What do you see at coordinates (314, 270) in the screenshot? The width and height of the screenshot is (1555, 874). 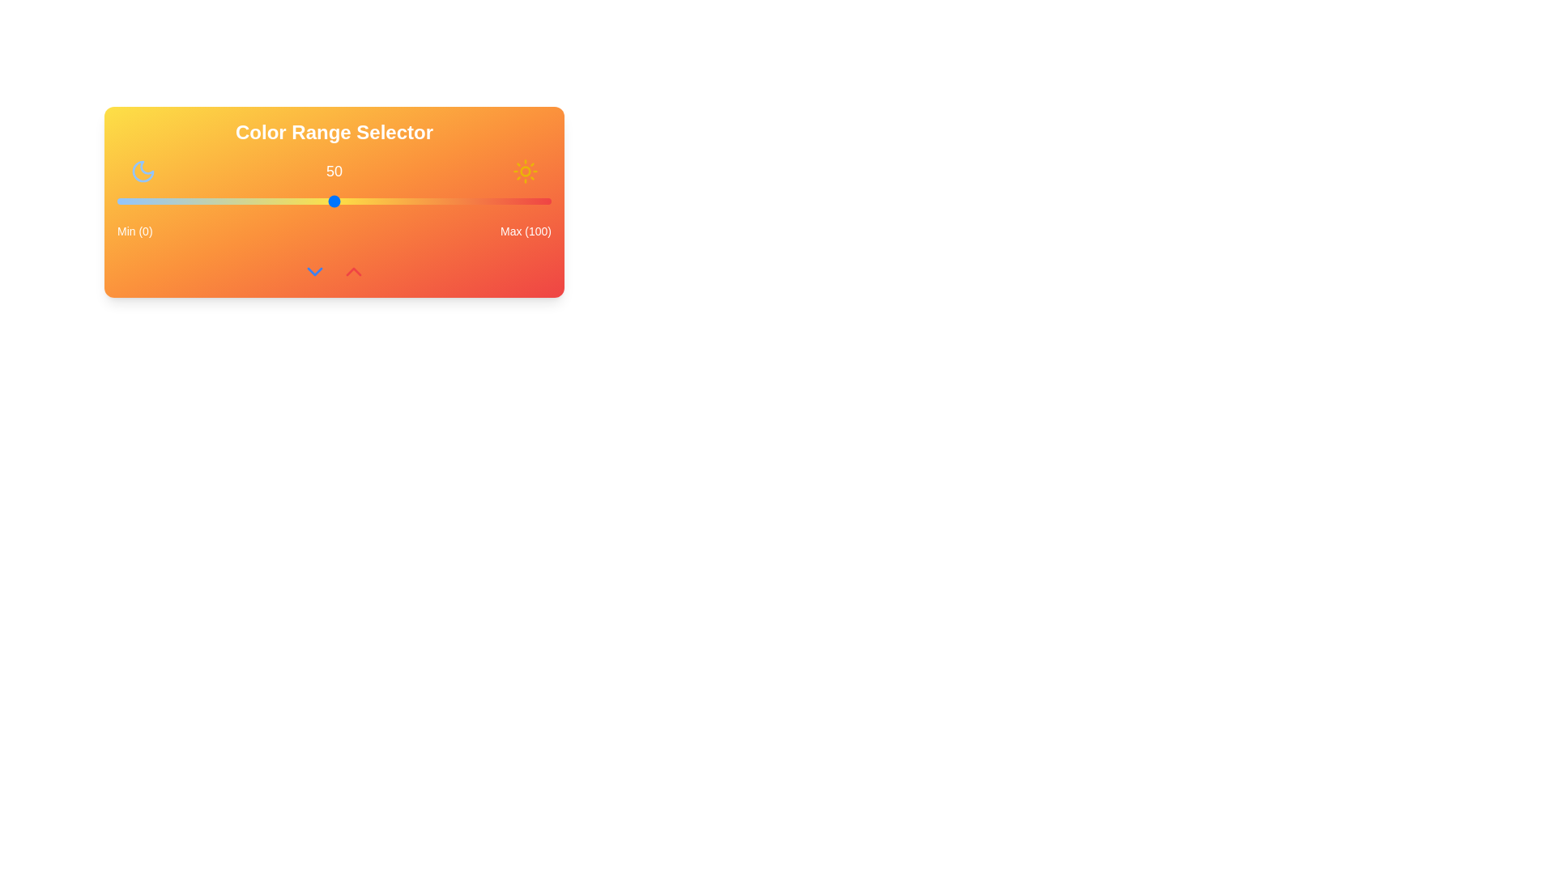 I see `the ChevronDown icon to perform the corresponding action` at bounding box center [314, 270].